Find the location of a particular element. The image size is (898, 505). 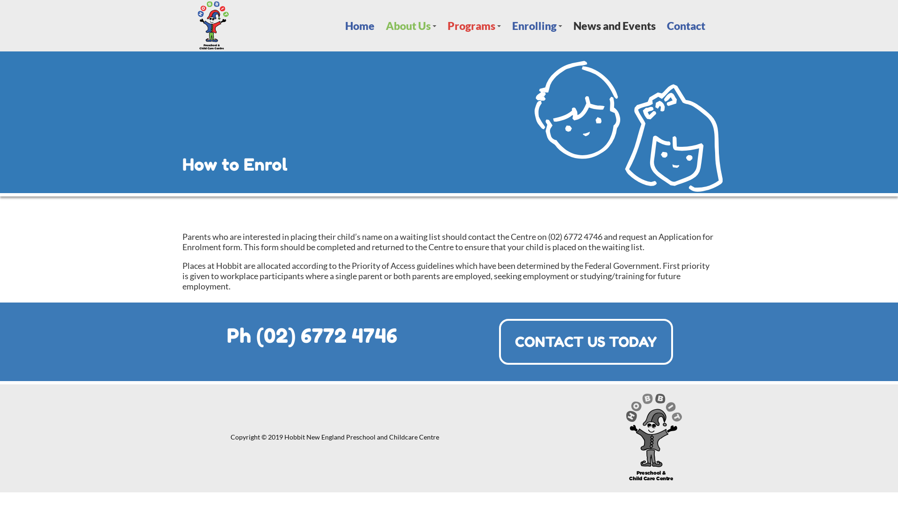

'News and Events' is located at coordinates (615, 25).